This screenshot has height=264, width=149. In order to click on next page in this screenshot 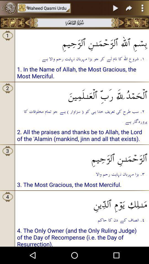, I will do `click(129, 8)`.